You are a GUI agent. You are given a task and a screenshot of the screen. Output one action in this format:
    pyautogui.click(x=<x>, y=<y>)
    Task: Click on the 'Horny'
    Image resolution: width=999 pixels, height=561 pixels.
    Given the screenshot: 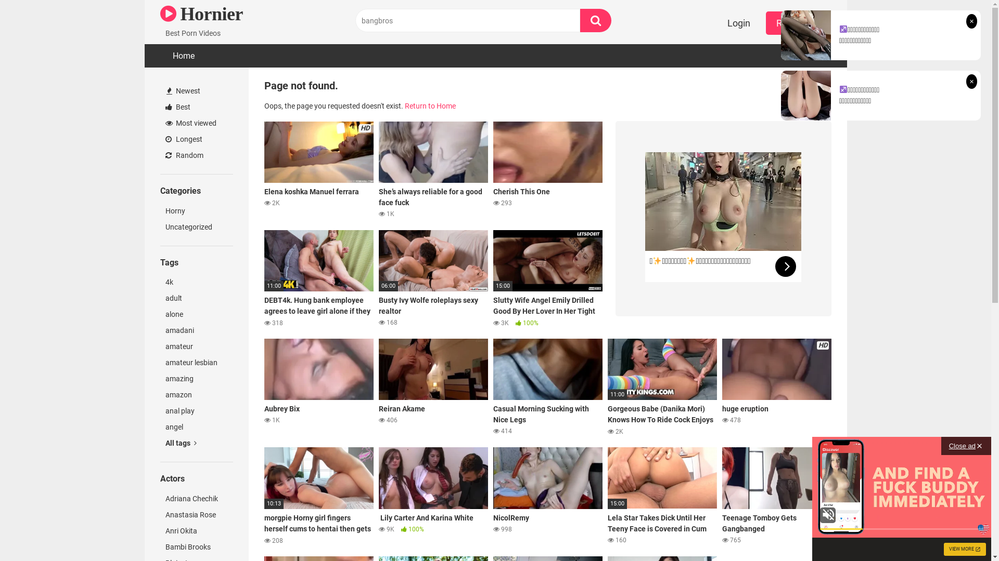 What is the action you would take?
    pyautogui.click(x=159, y=210)
    